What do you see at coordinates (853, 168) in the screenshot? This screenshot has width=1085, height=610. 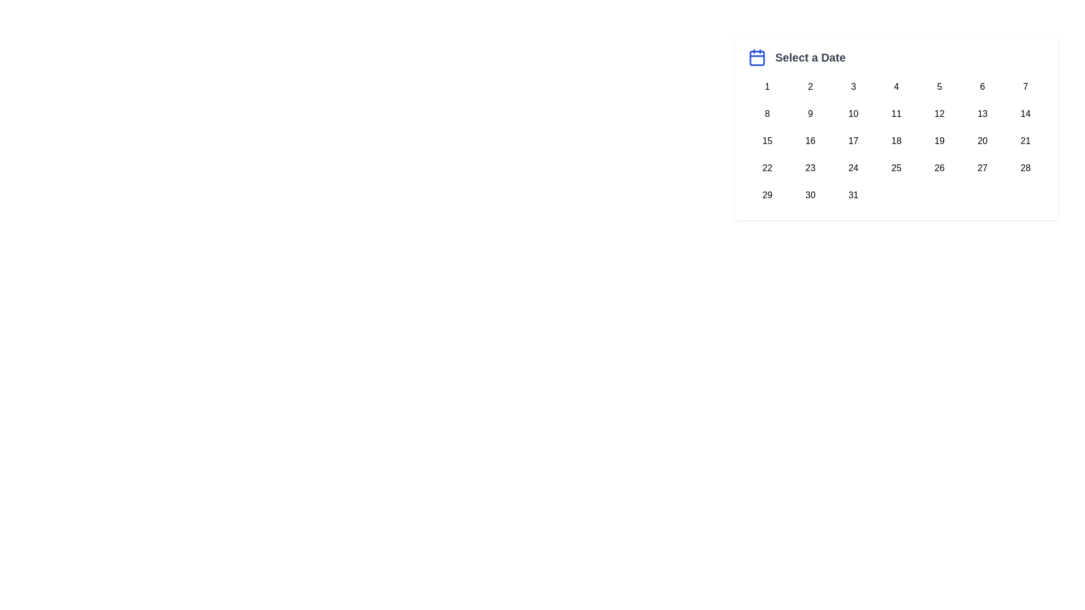 I see `the button representing the date '24' in the calendar view` at bounding box center [853, 168].